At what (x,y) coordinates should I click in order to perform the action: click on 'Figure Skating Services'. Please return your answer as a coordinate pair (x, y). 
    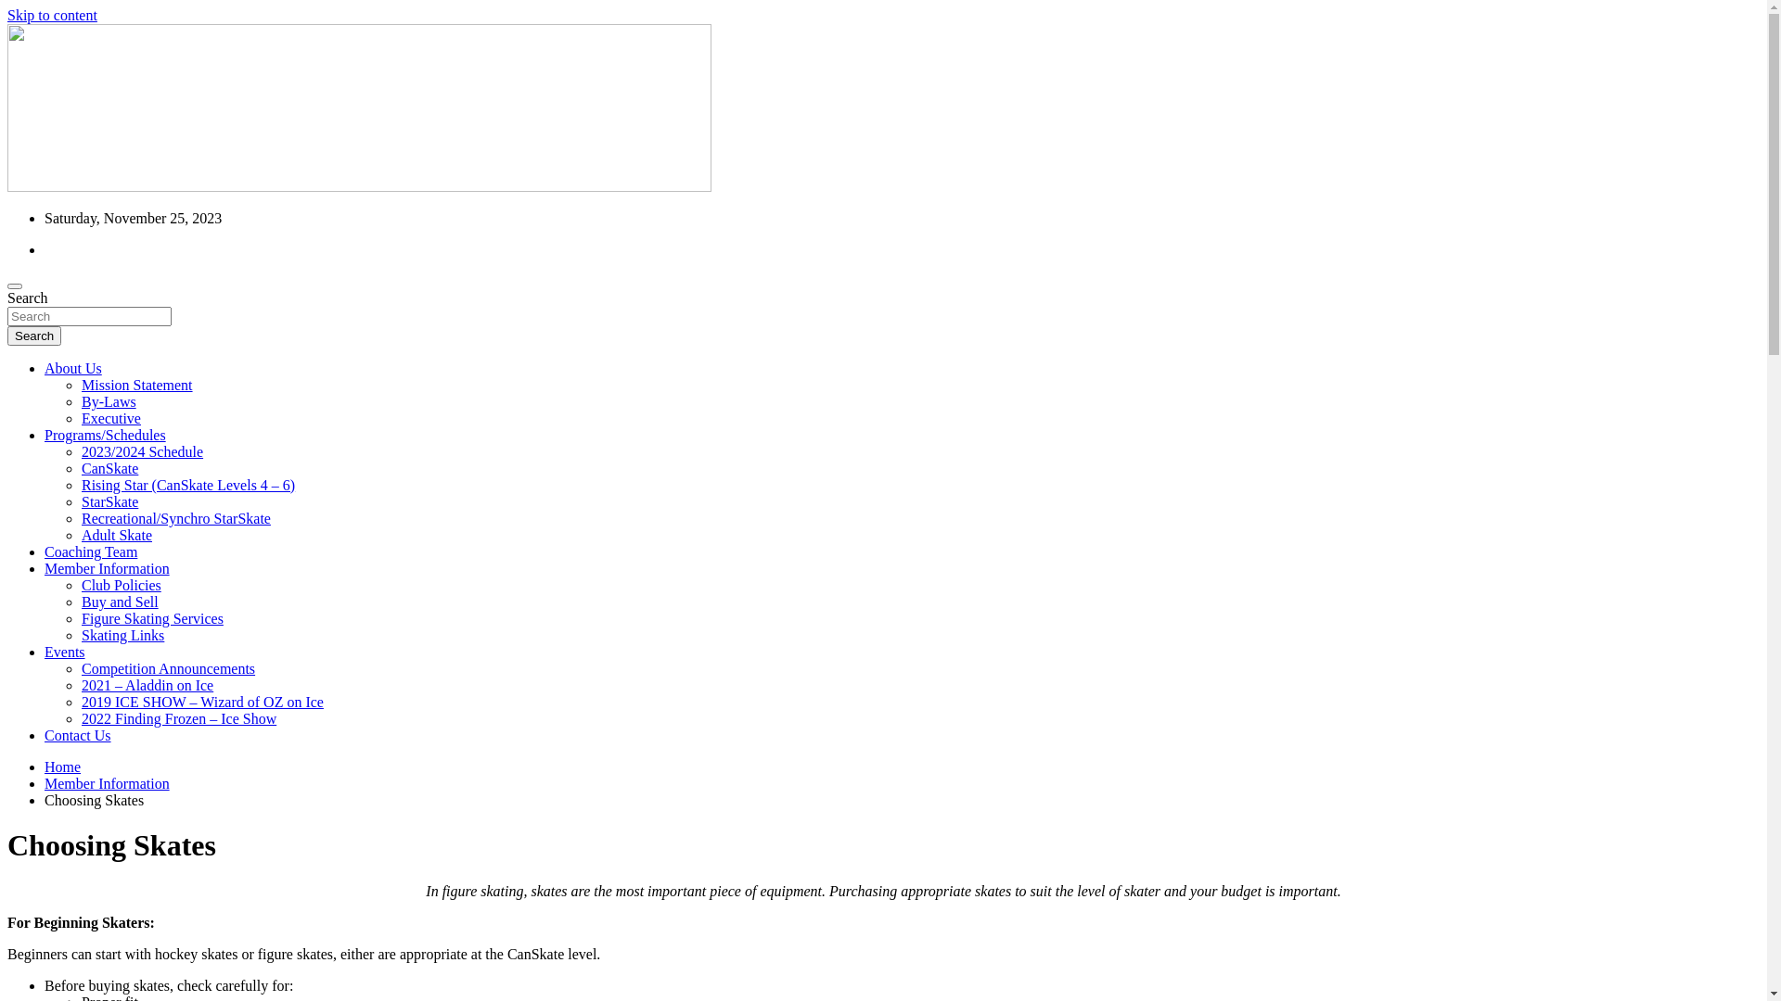
    Looking at the image, I should click on (152, 618).